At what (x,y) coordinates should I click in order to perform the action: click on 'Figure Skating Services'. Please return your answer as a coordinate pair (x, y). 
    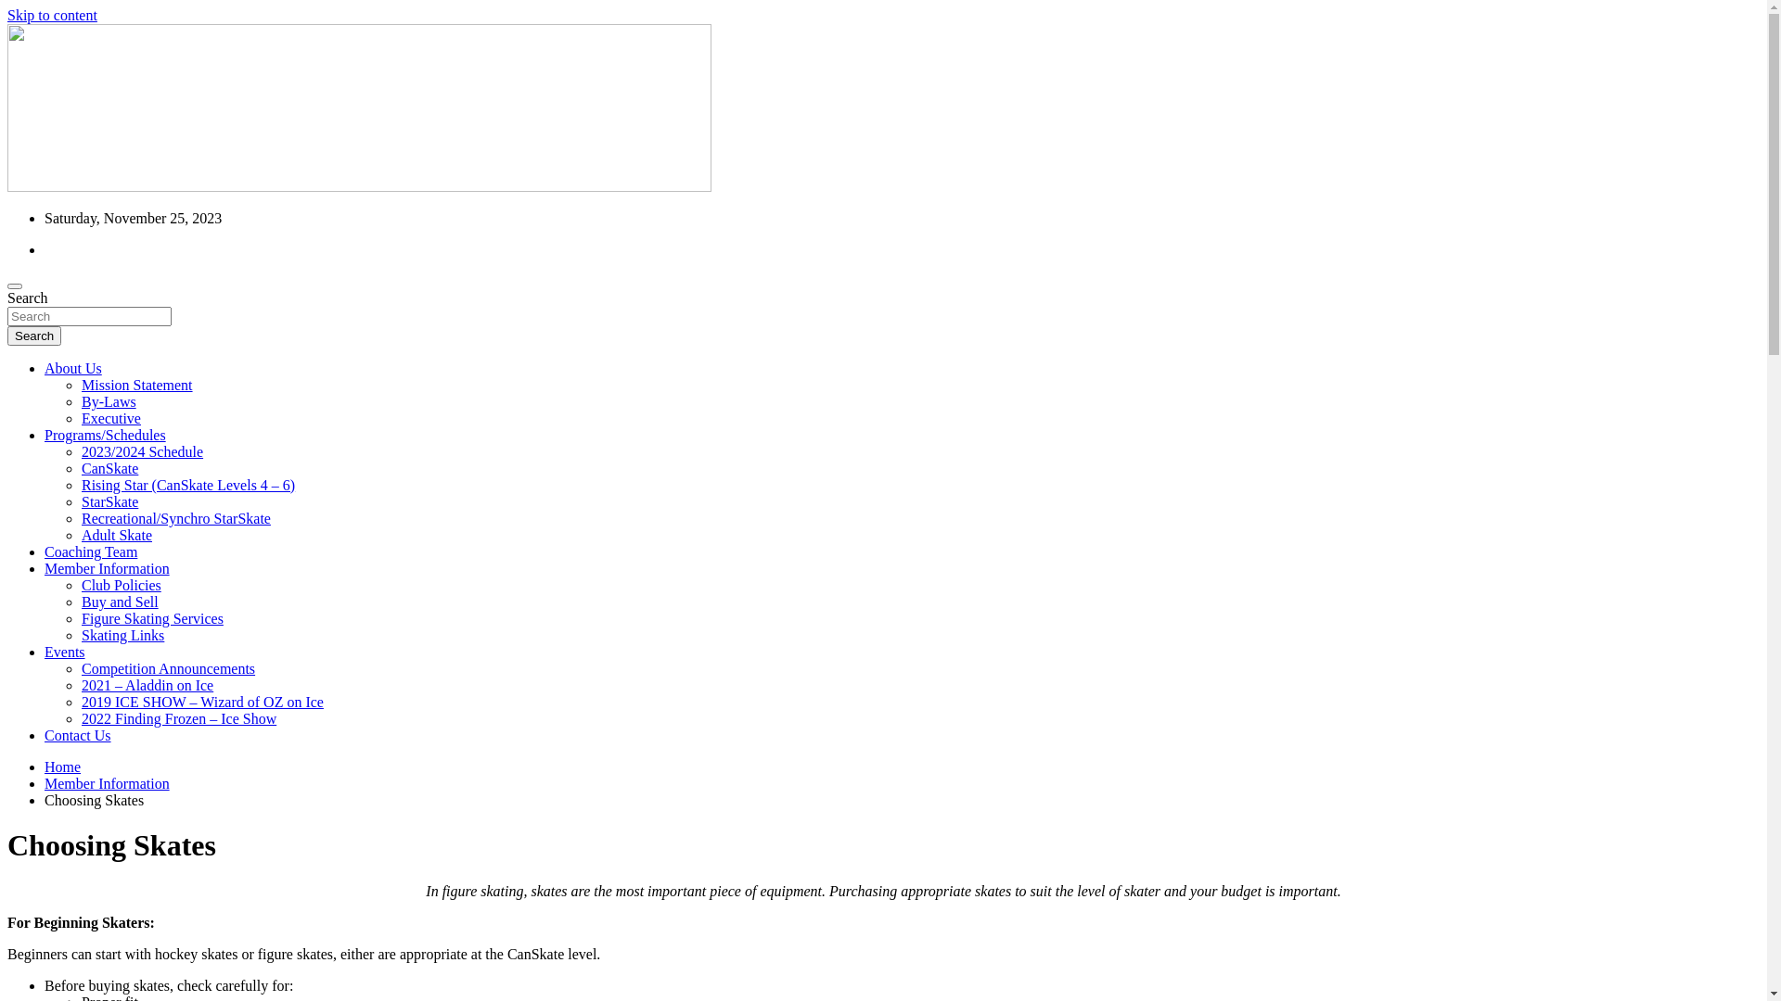
    Looking at the image, I should click on (152, 618).